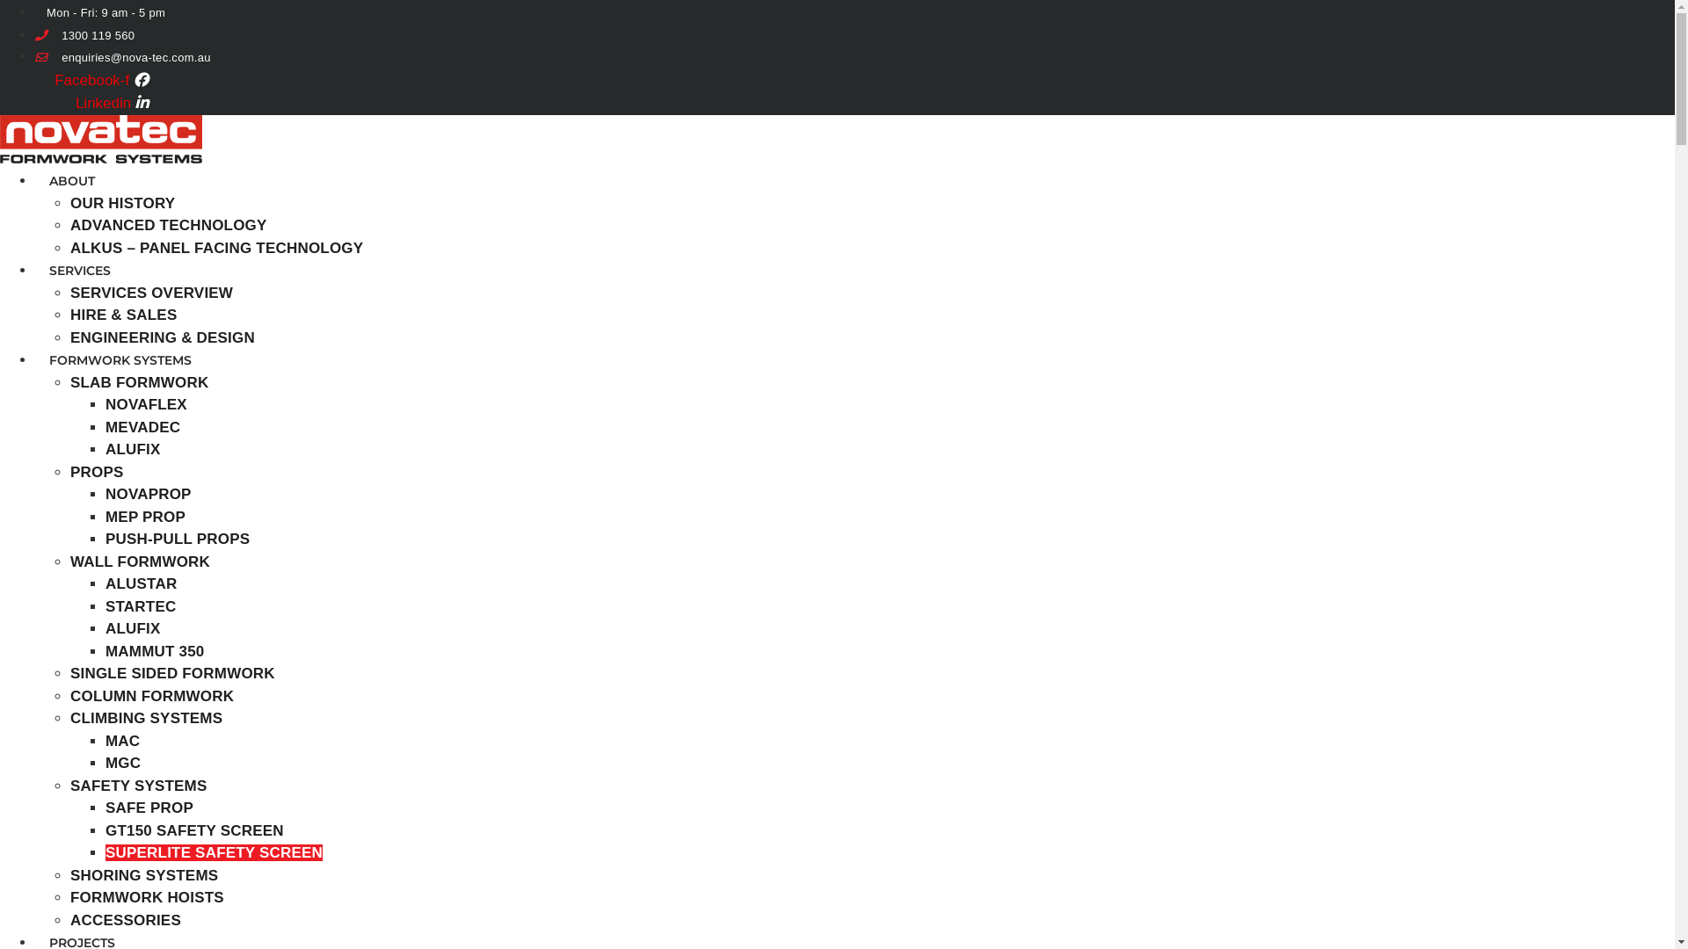  Describe the element at coordinates (70, 718) in the screenshot. I see `'CLIMBING SYSTEMS'` at that location.